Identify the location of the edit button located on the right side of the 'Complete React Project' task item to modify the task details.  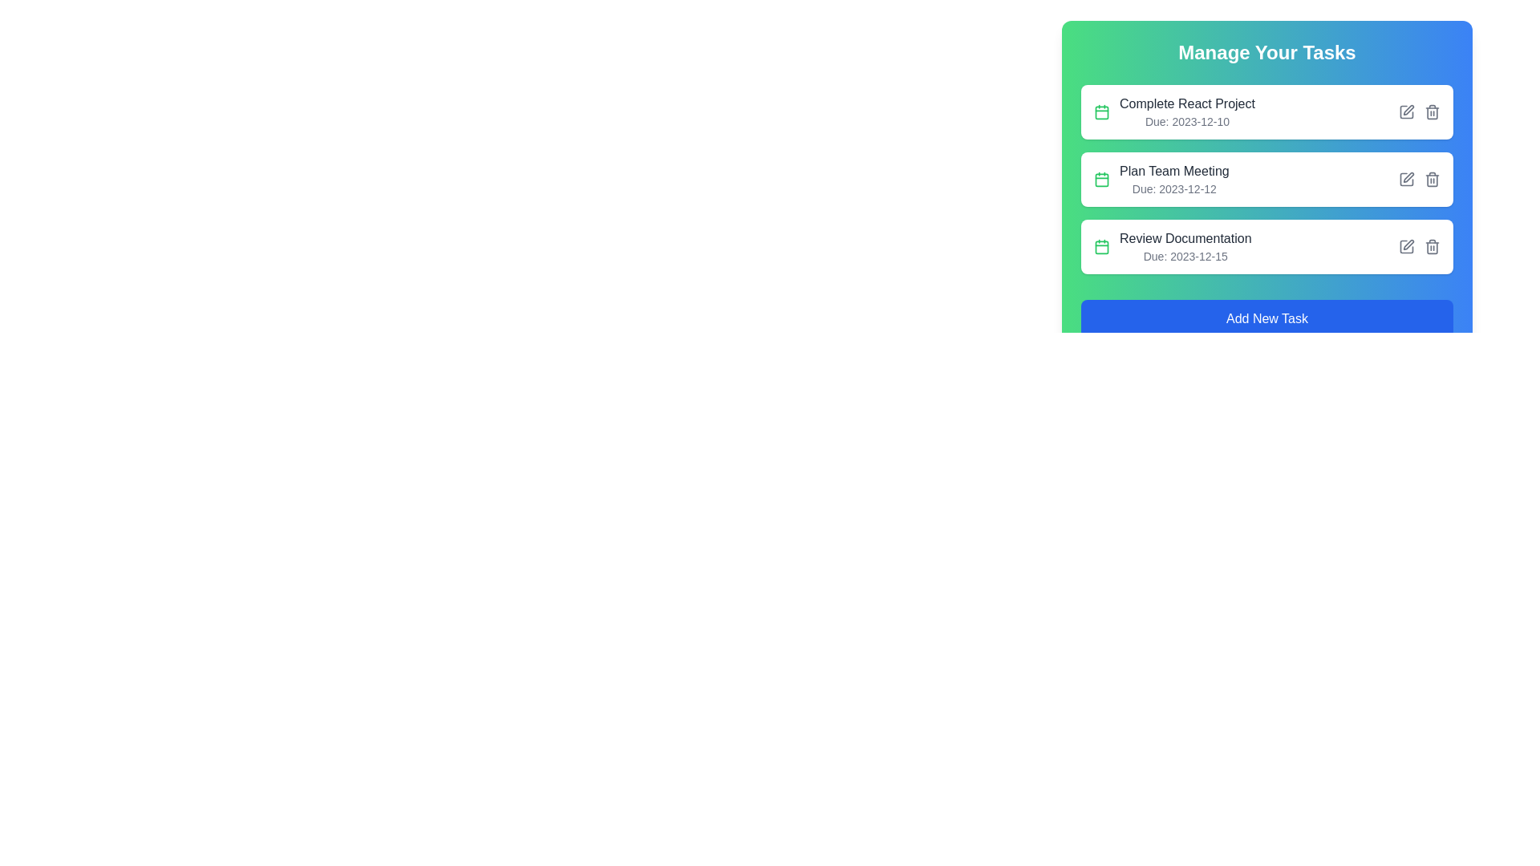
(1405, 111).